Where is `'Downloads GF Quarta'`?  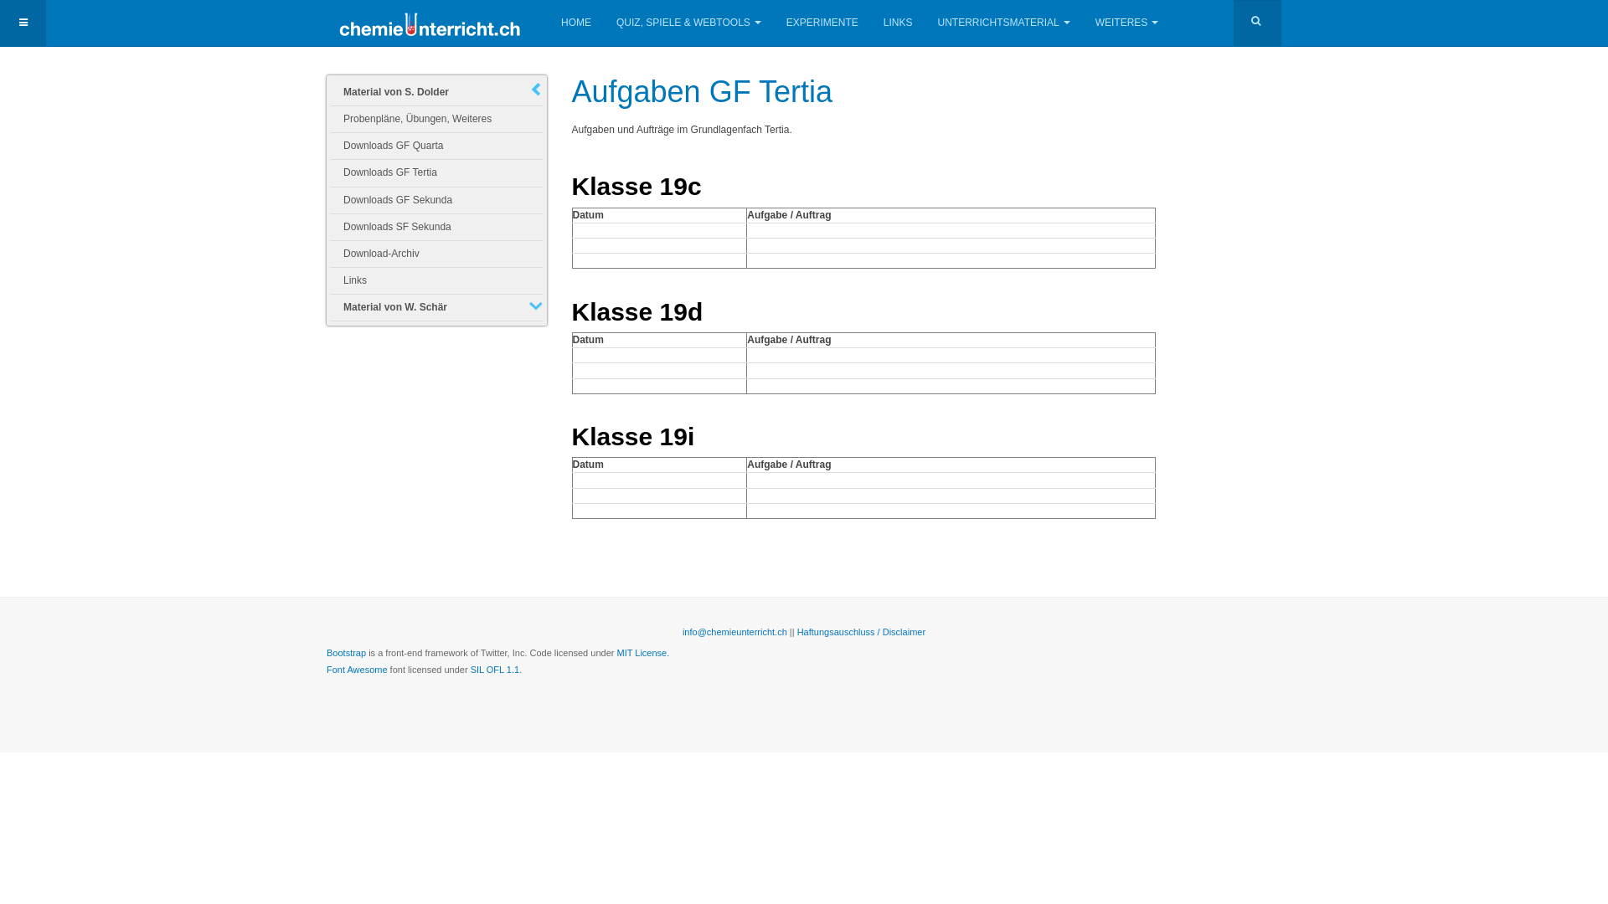 'Downloads GF Quarta' is located at coordinates (436, 145).